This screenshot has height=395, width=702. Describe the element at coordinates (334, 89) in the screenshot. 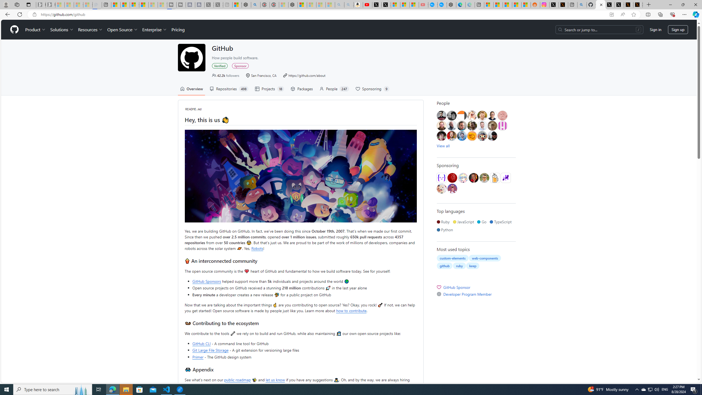

I see `'People 247'` at that location.